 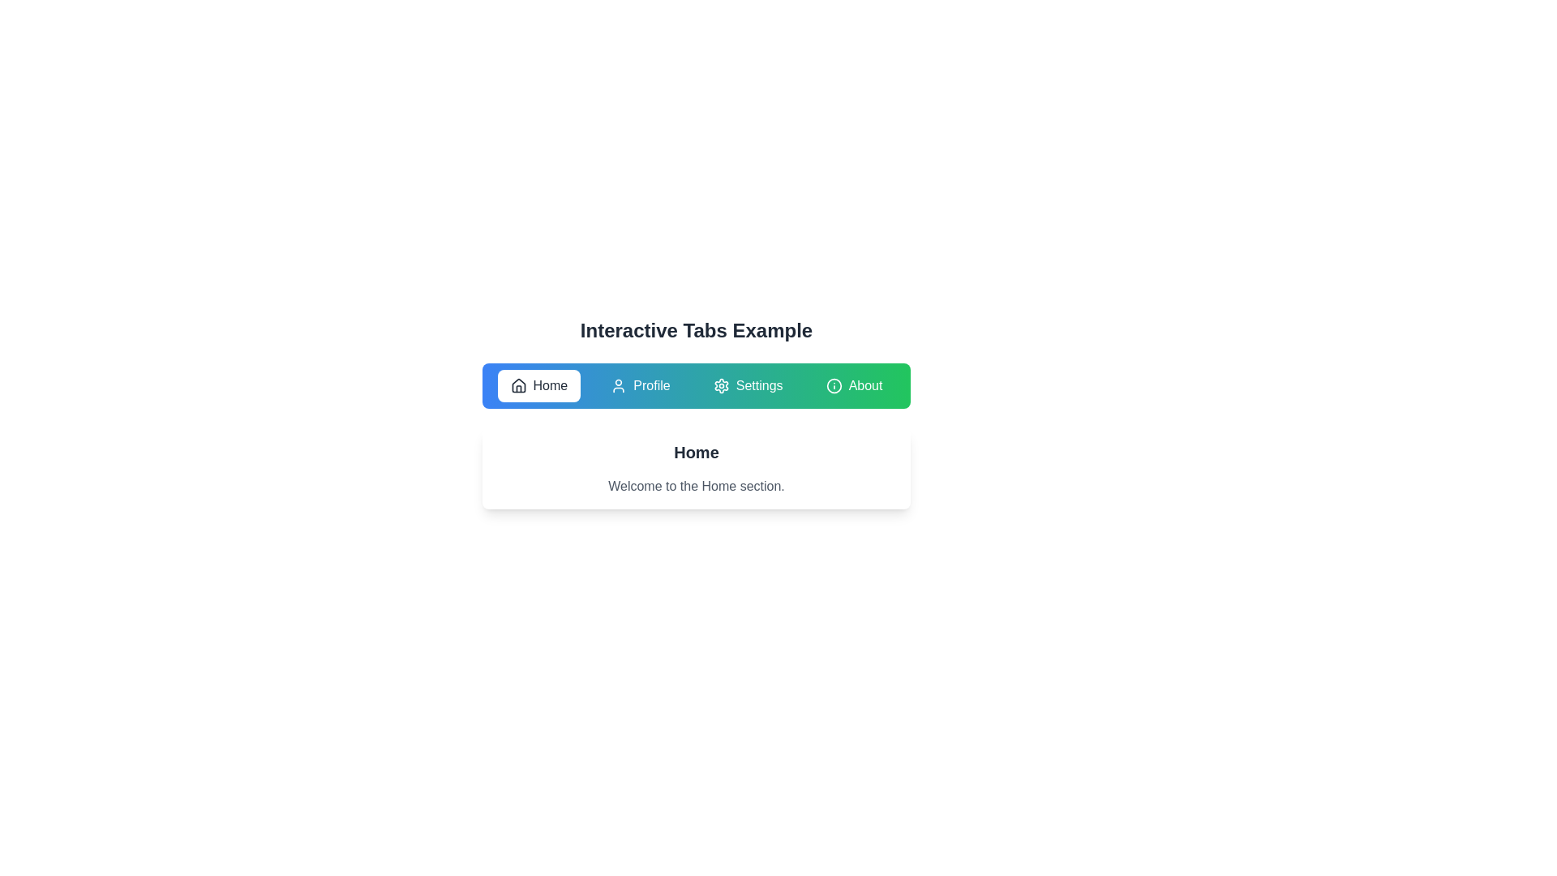 What do you see at coordinates (853, 385) in the screenshot?
I see `the About tab to navigate to its section` at bounding box center [853, 385].